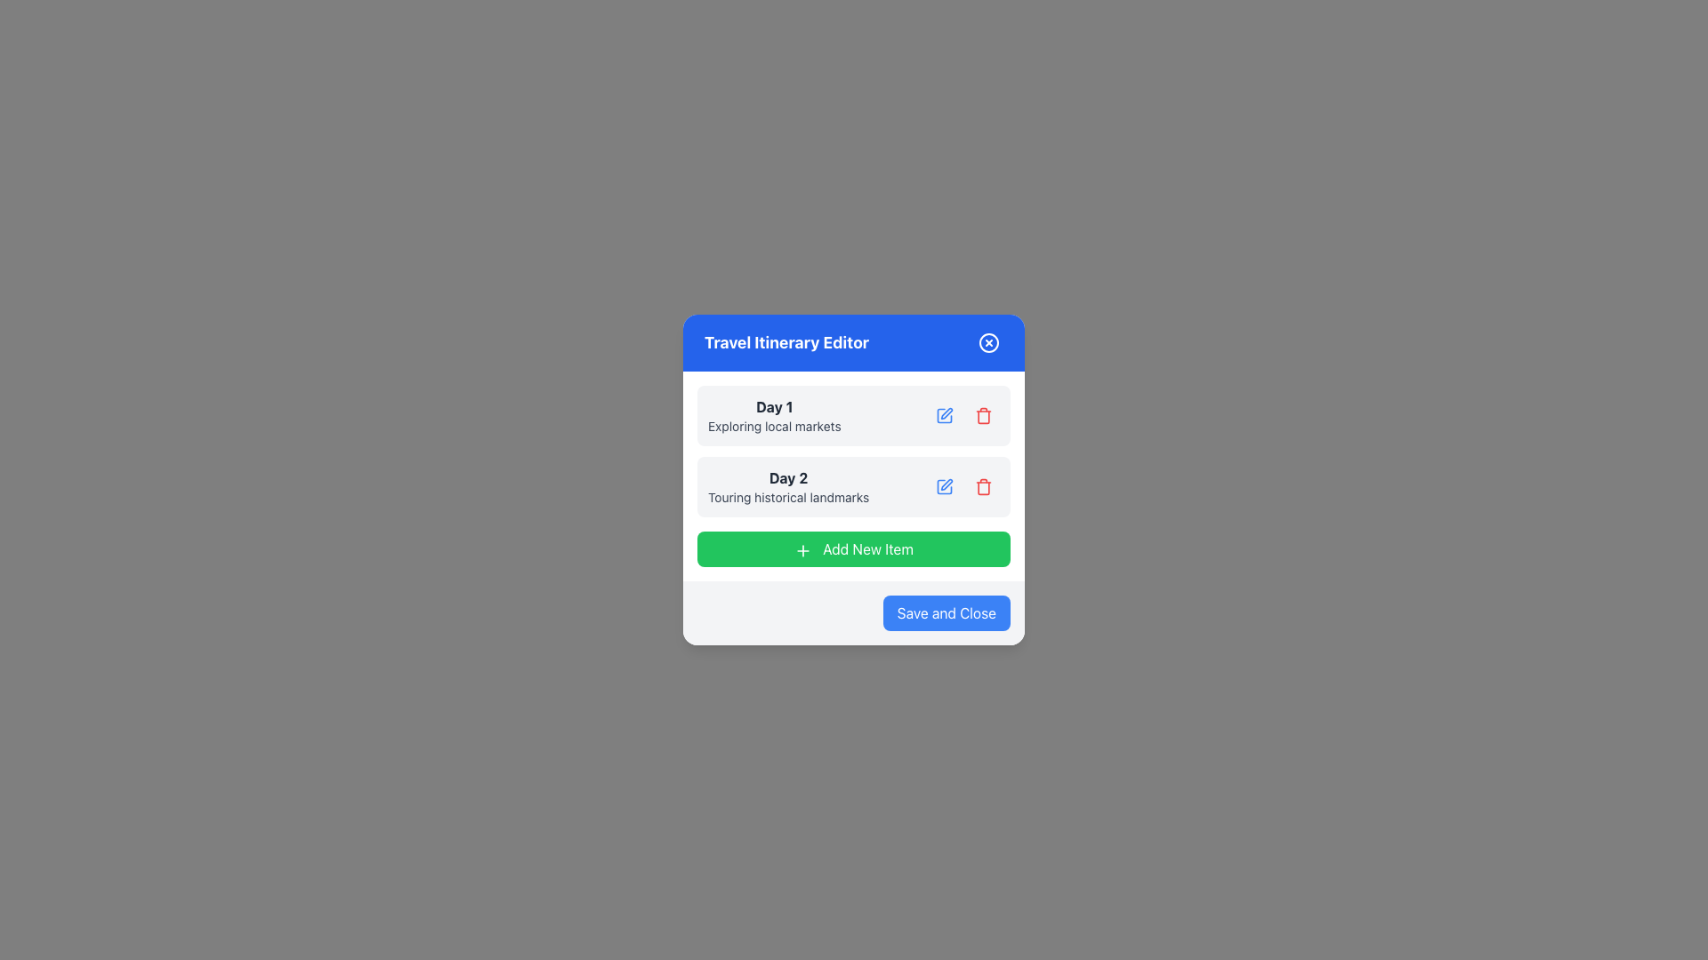  What do you see at coordinates (988, 342) in the screenshot?
I see `the small circular button with a blue background and a white border that contains a minimalist 'X' icon` at bounding box center [988, 342].